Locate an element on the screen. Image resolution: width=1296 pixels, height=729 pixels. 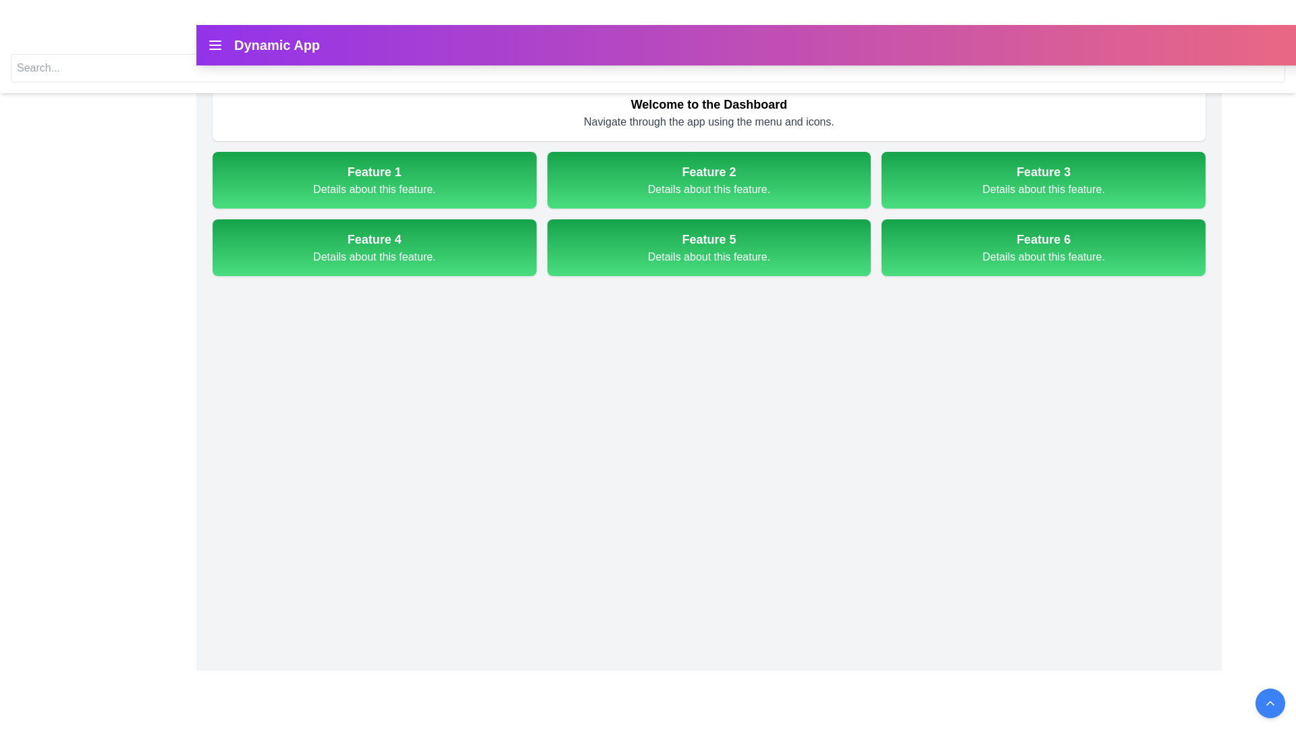
the Card element located in the second row and middle column of the feature showcase is located at coordinates (708, 247).